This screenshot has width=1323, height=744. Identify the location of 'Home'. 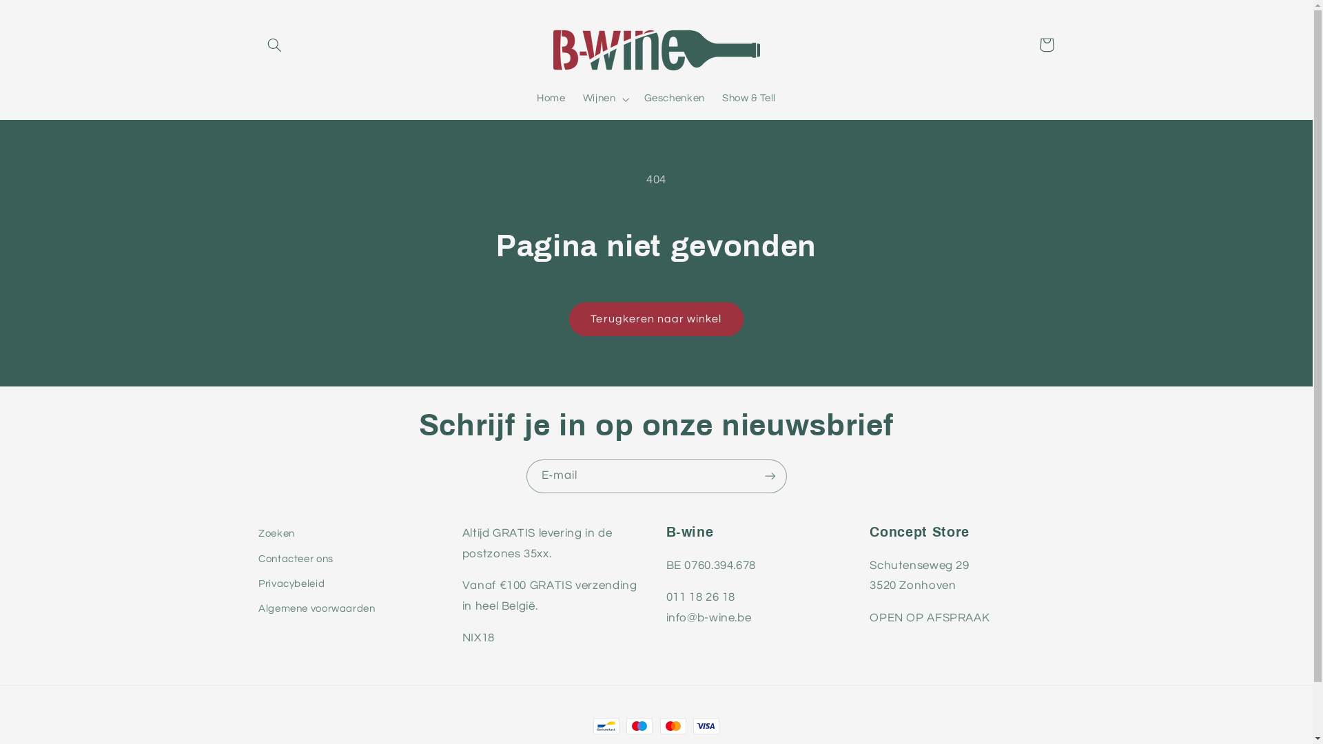
(527, 98).